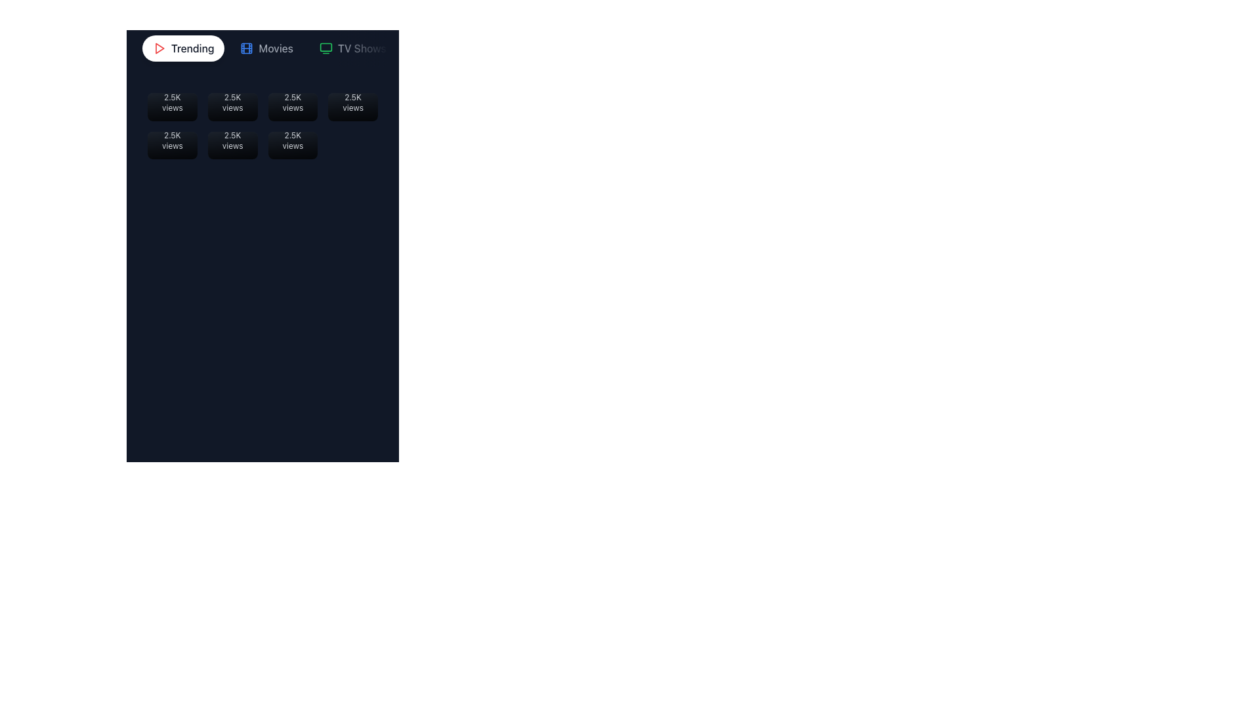  What do you see at coordinates (159, 47) in the screenshot?
I see `the decorative icon representing the 'Trending' section located at the leftmost part of the 'Trending' button in the top navigation menu` at bounding box center [159, 47].